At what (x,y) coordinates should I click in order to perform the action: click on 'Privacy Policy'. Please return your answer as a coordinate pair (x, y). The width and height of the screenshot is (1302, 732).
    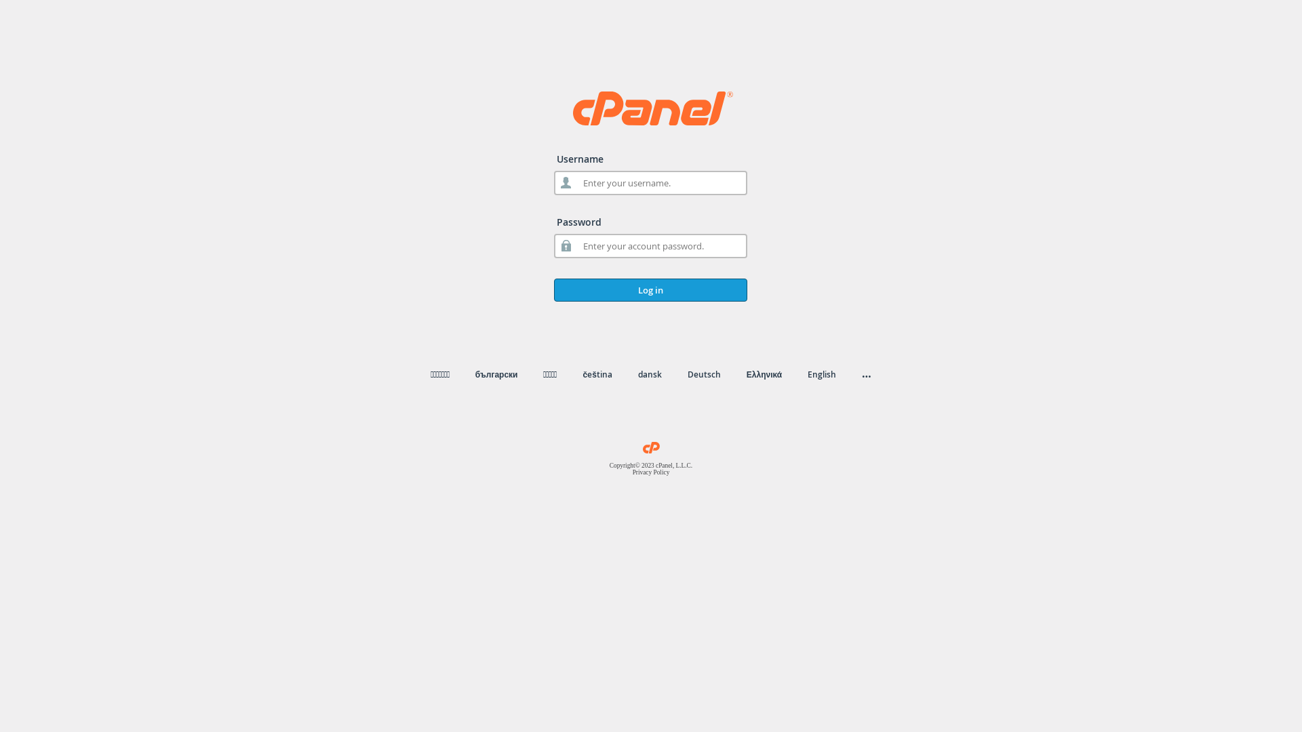
    Looking at the image, I should click on (651, 472).